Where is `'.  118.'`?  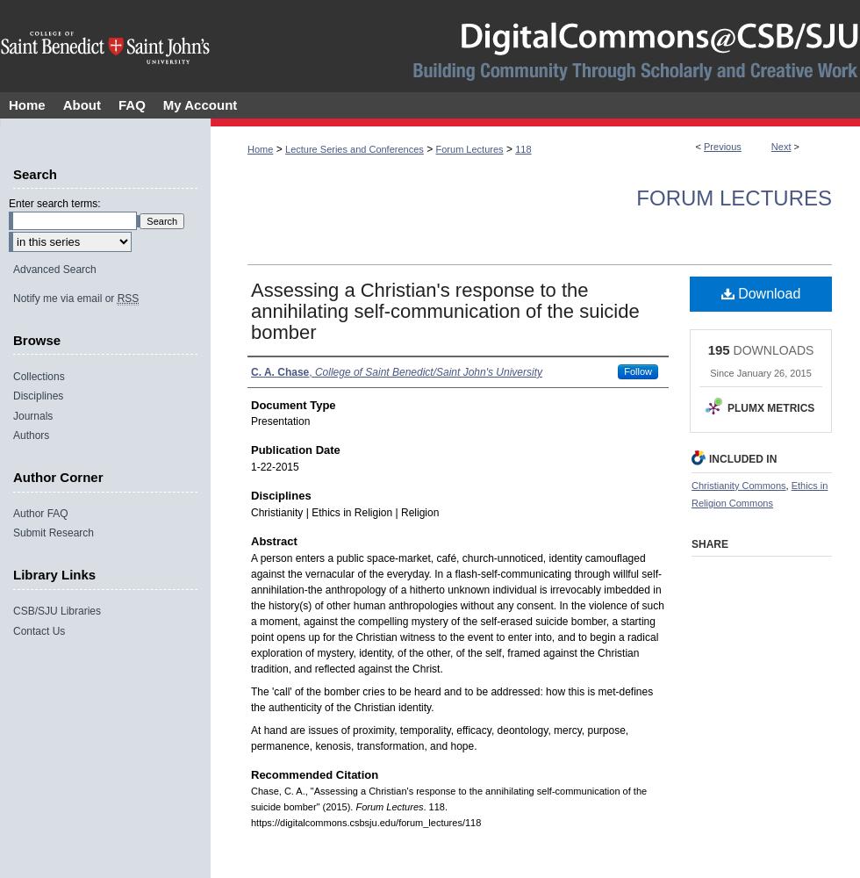 '.  118.' is located at coordinates (434, 807).